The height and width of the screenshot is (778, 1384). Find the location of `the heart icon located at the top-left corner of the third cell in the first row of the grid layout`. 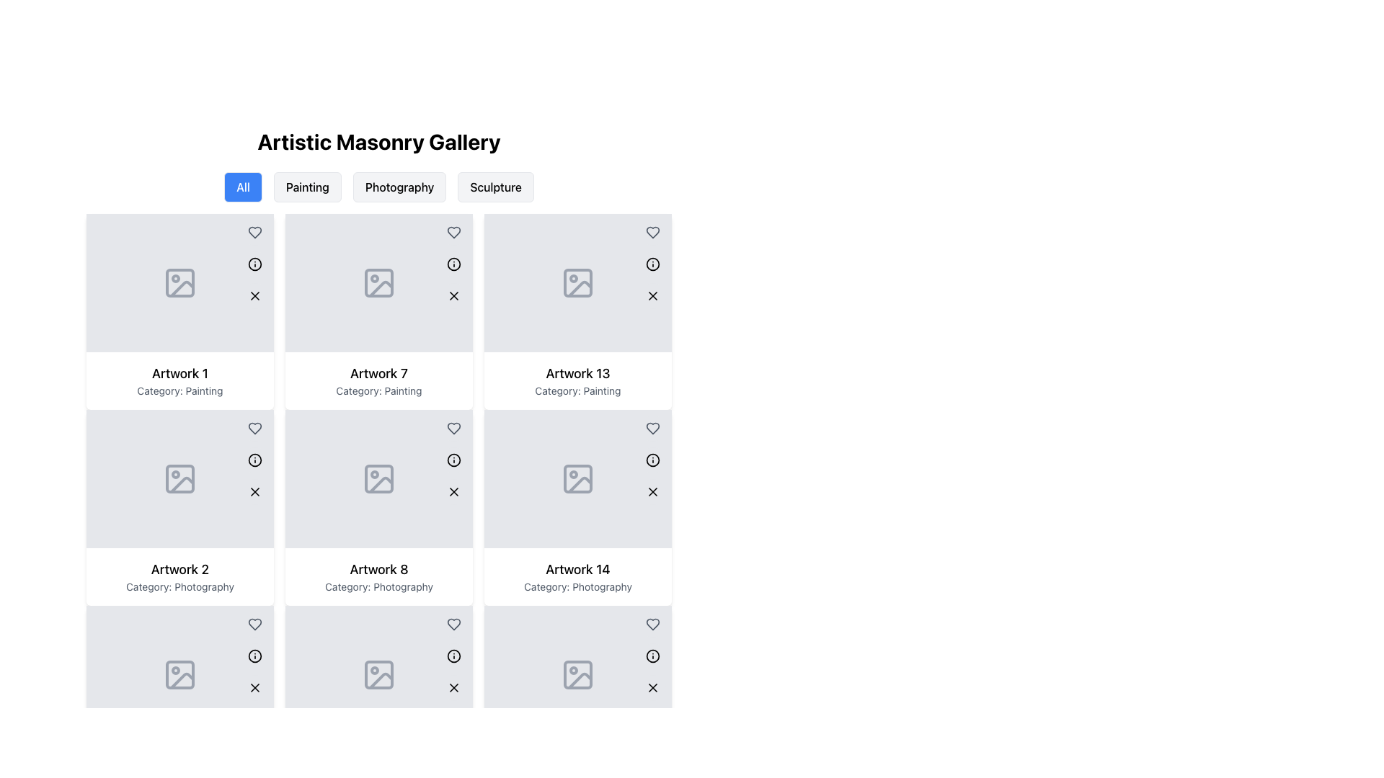

the heart icon located at the top-left corner of the third cell in the first row of the grid layout is located at coordinates (652, 232).